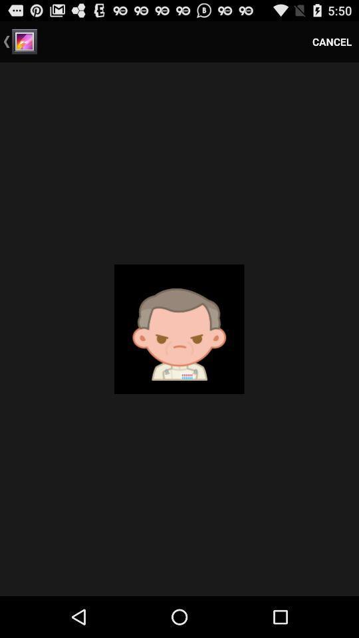  I want to click on the item at the top right corner, so click(331, 41).